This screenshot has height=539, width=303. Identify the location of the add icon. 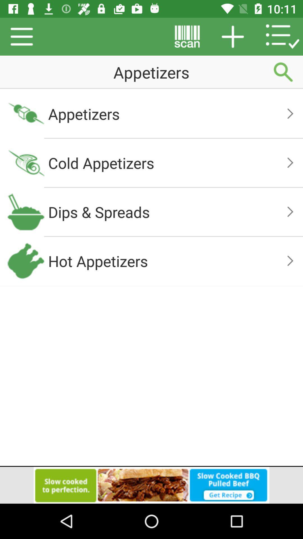
(233, 36).